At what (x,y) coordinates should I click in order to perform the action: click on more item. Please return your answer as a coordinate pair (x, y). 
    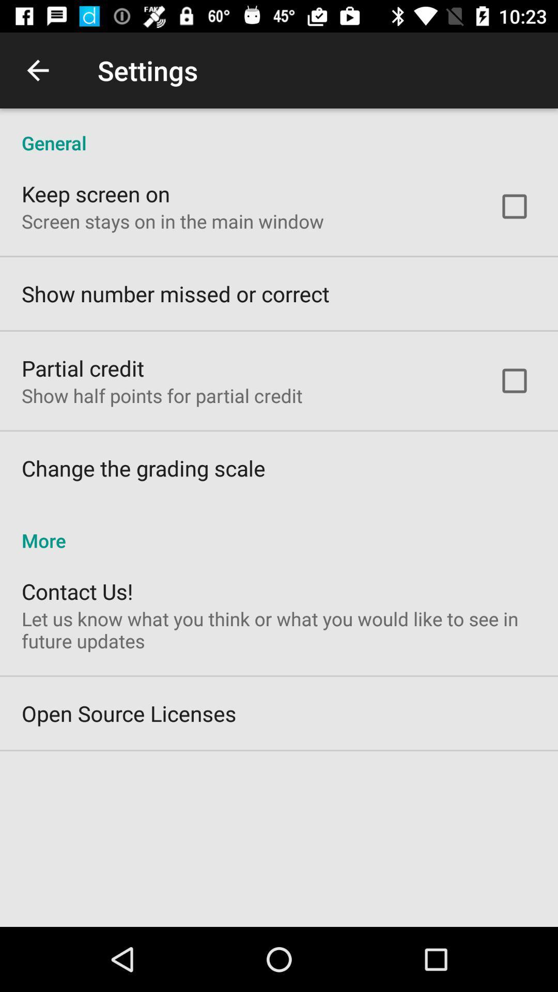
    Looking at the image, I should click on (279, 530).